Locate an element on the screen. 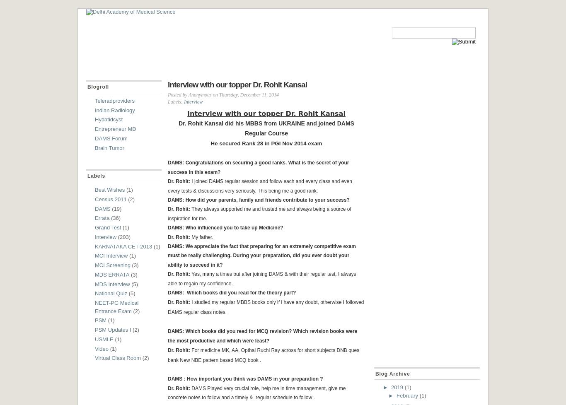 The width and height of the screenshot is (566, 405). 'Blog Archive' is located at coordinates (375, 373).